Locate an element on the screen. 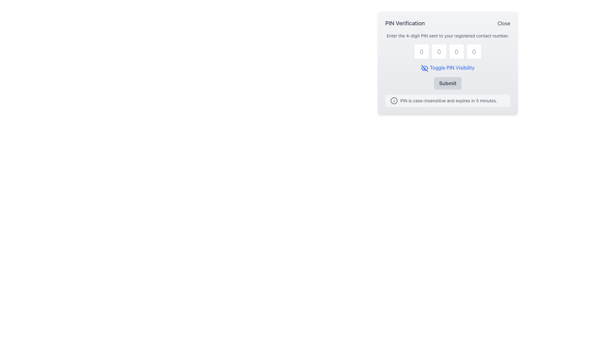  the icon button located above the 'Submit' button, aligned with the text label 'Toggle PIN Visibility' is located at coordinates (425, 68).